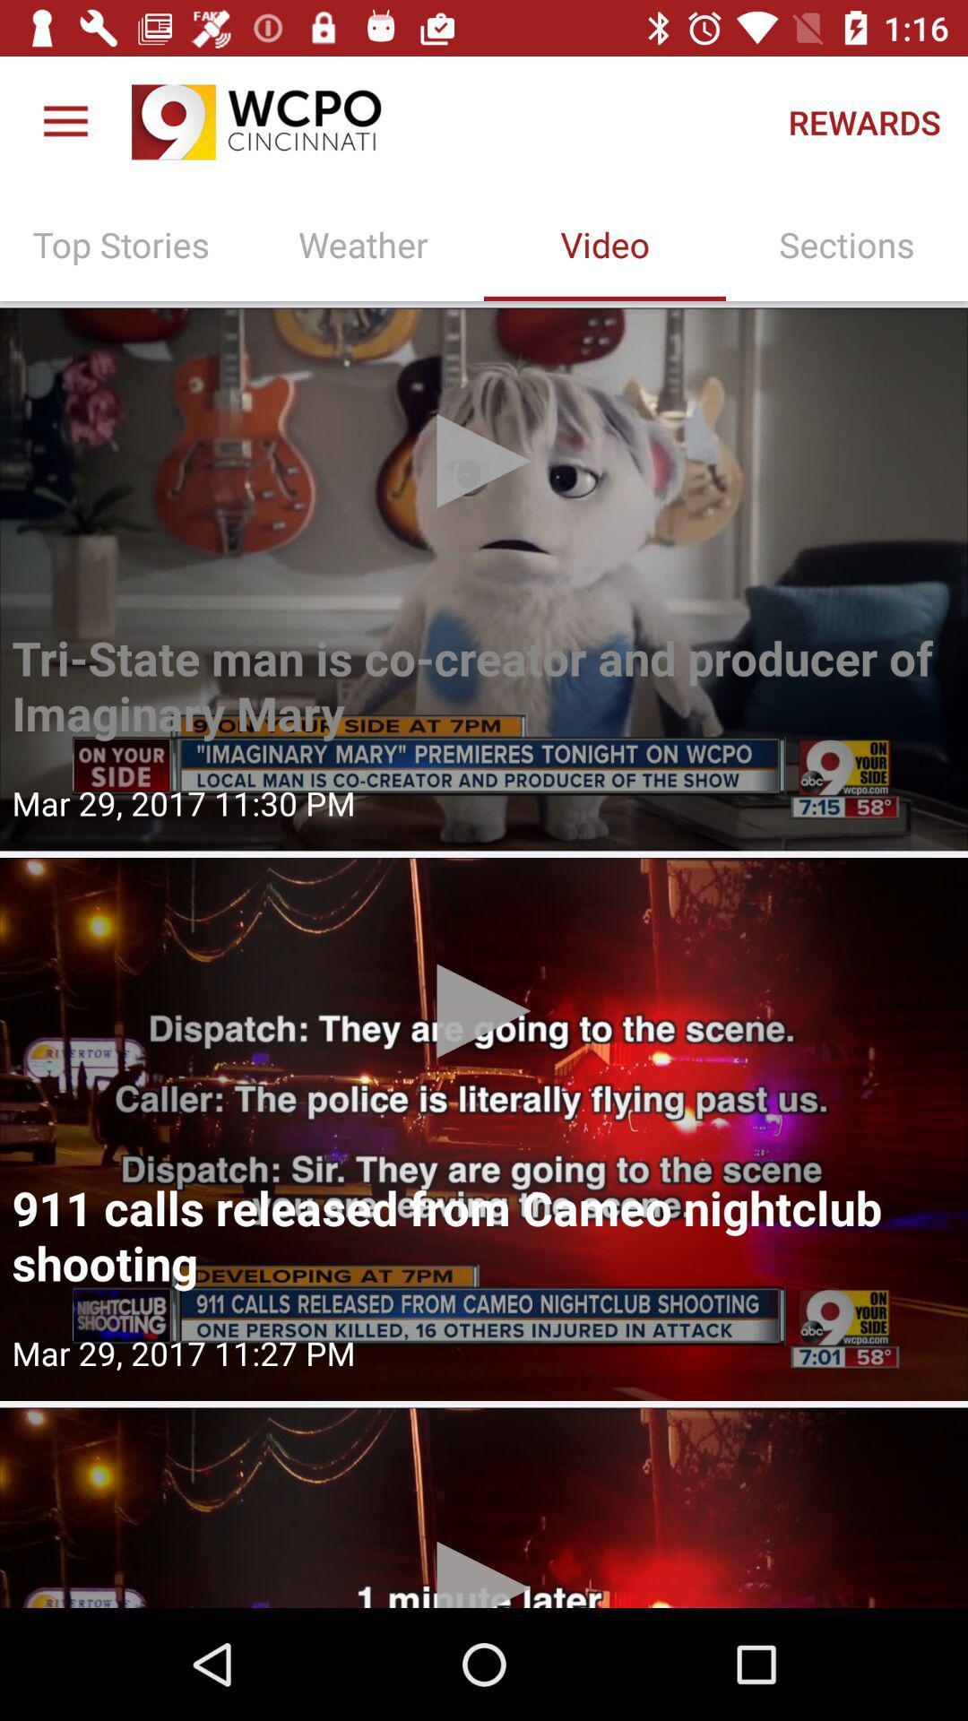 The width and height of the screenshot is (968, 1721). Describe the element at coordinates (484, 1128) in the screenshot. I see `open selected video` at that location.